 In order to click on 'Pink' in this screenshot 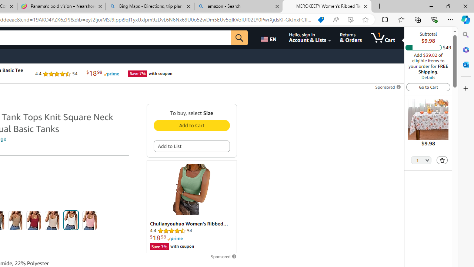, I will do `click(89, 220)`.